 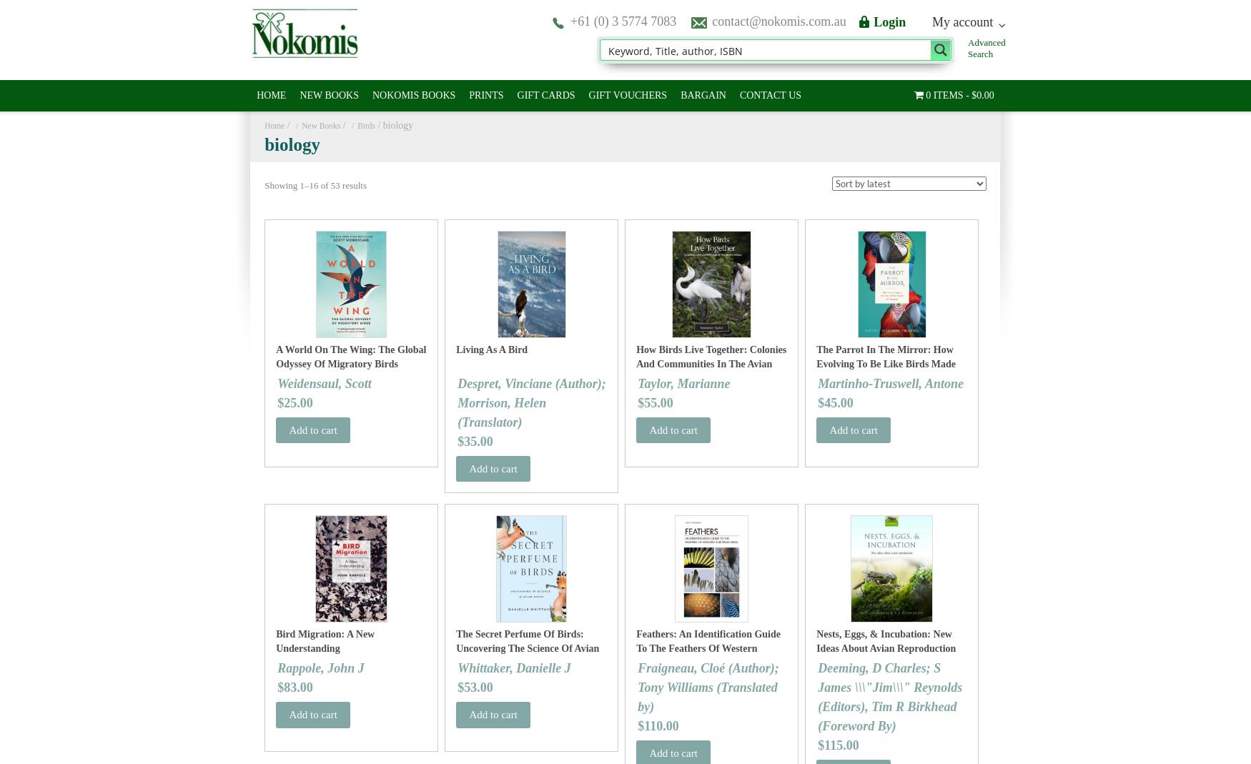 I want to click on '/ biology', so click(x=393, y=125).